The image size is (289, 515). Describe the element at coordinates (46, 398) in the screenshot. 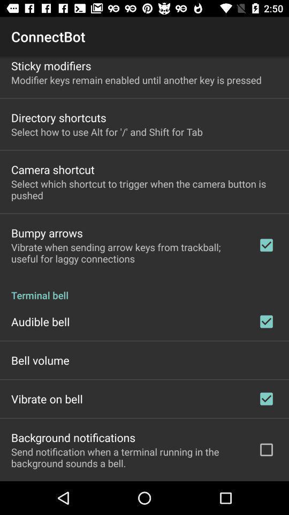

I see `the app above the background notifications app` at that location.